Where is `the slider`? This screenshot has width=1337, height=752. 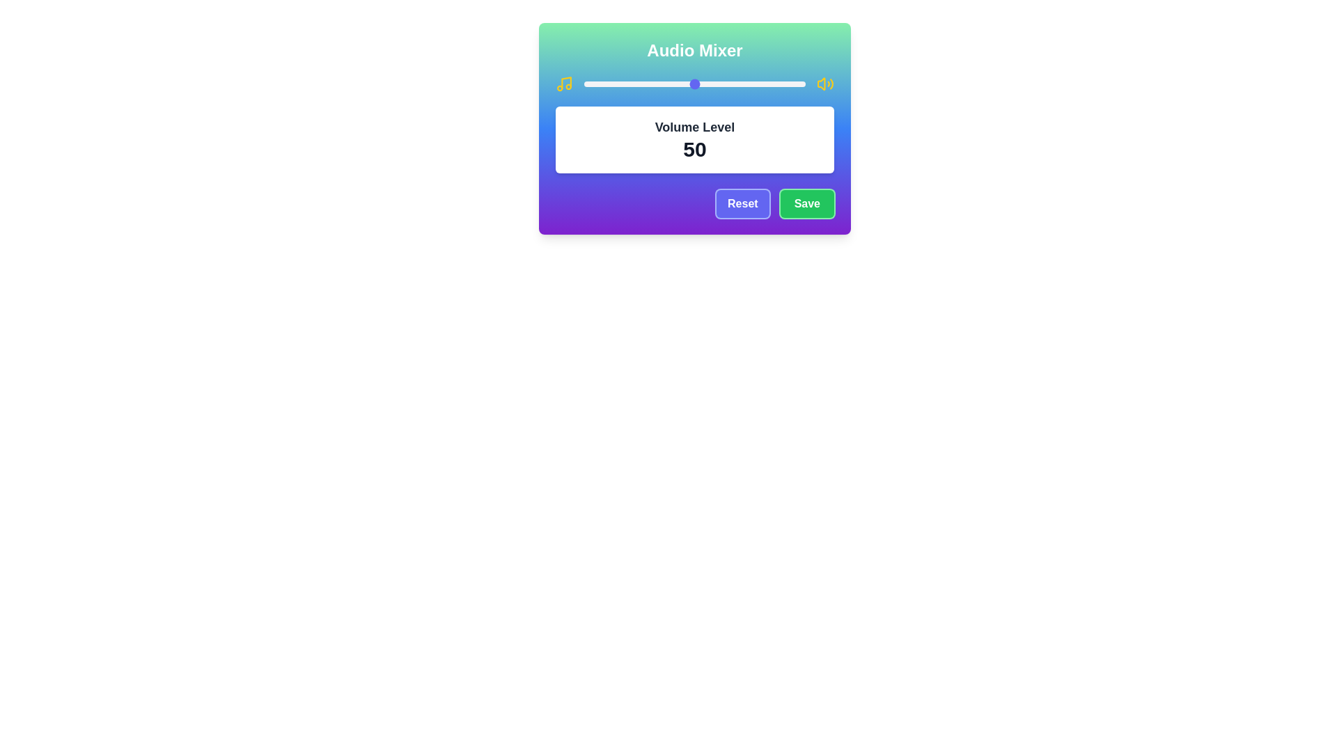 the slider is located at coordinates (714, 84).